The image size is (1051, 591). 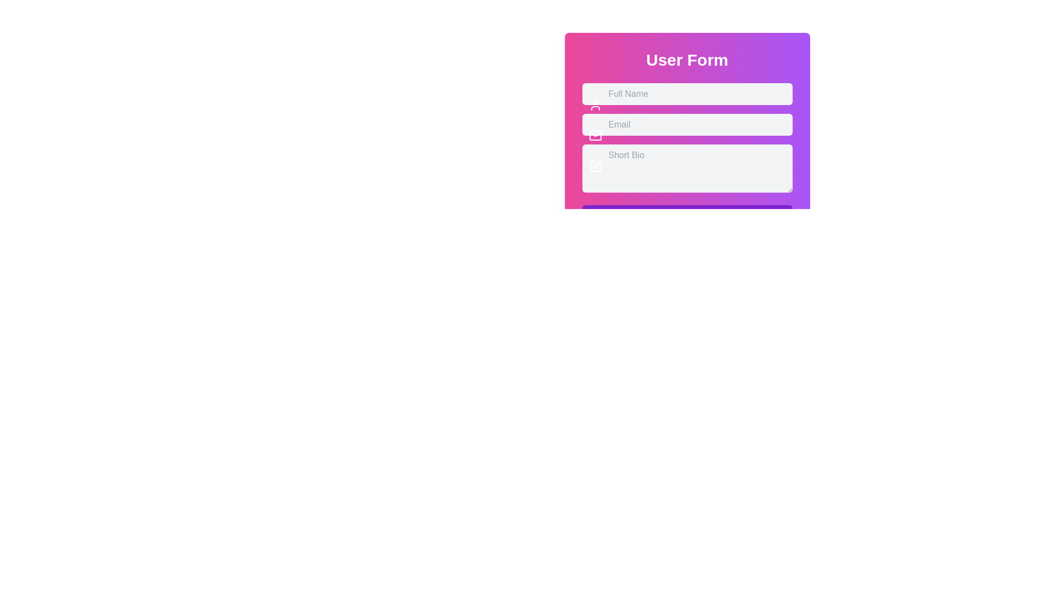 I want to click on the envelope graphic that represents an email icon located in the middle of the three input fields, specifically within the input area labeled 'Email', so click(x=594, y=134).